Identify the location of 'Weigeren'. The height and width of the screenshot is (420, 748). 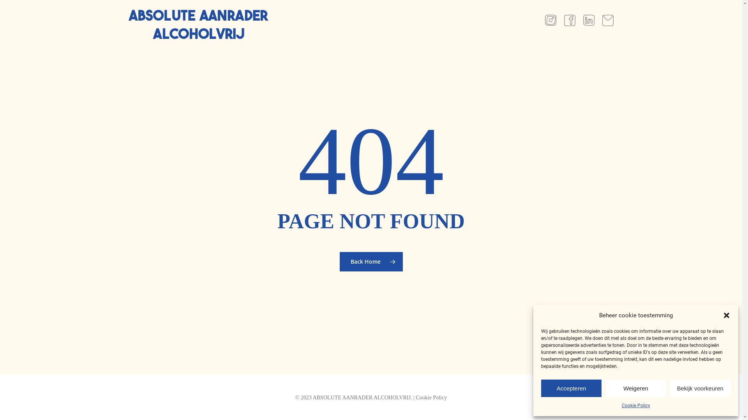
(635, 388).